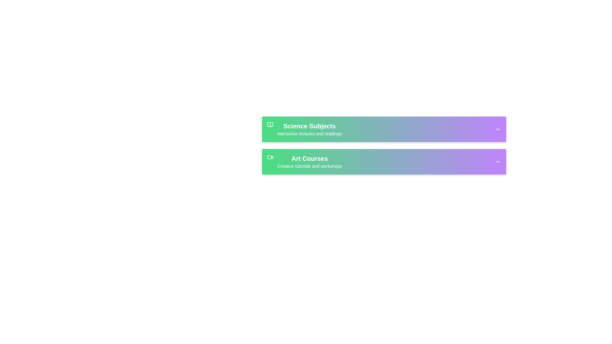 This screenshot has width=612, height=344. What do you see at coordinates (310, 166) in the screenshot?
I see `information displayed in the text block that contains 'Creative tutorials and workshops', which is located directly below the 'Art Courses' title` at bounding box center [310, 166].